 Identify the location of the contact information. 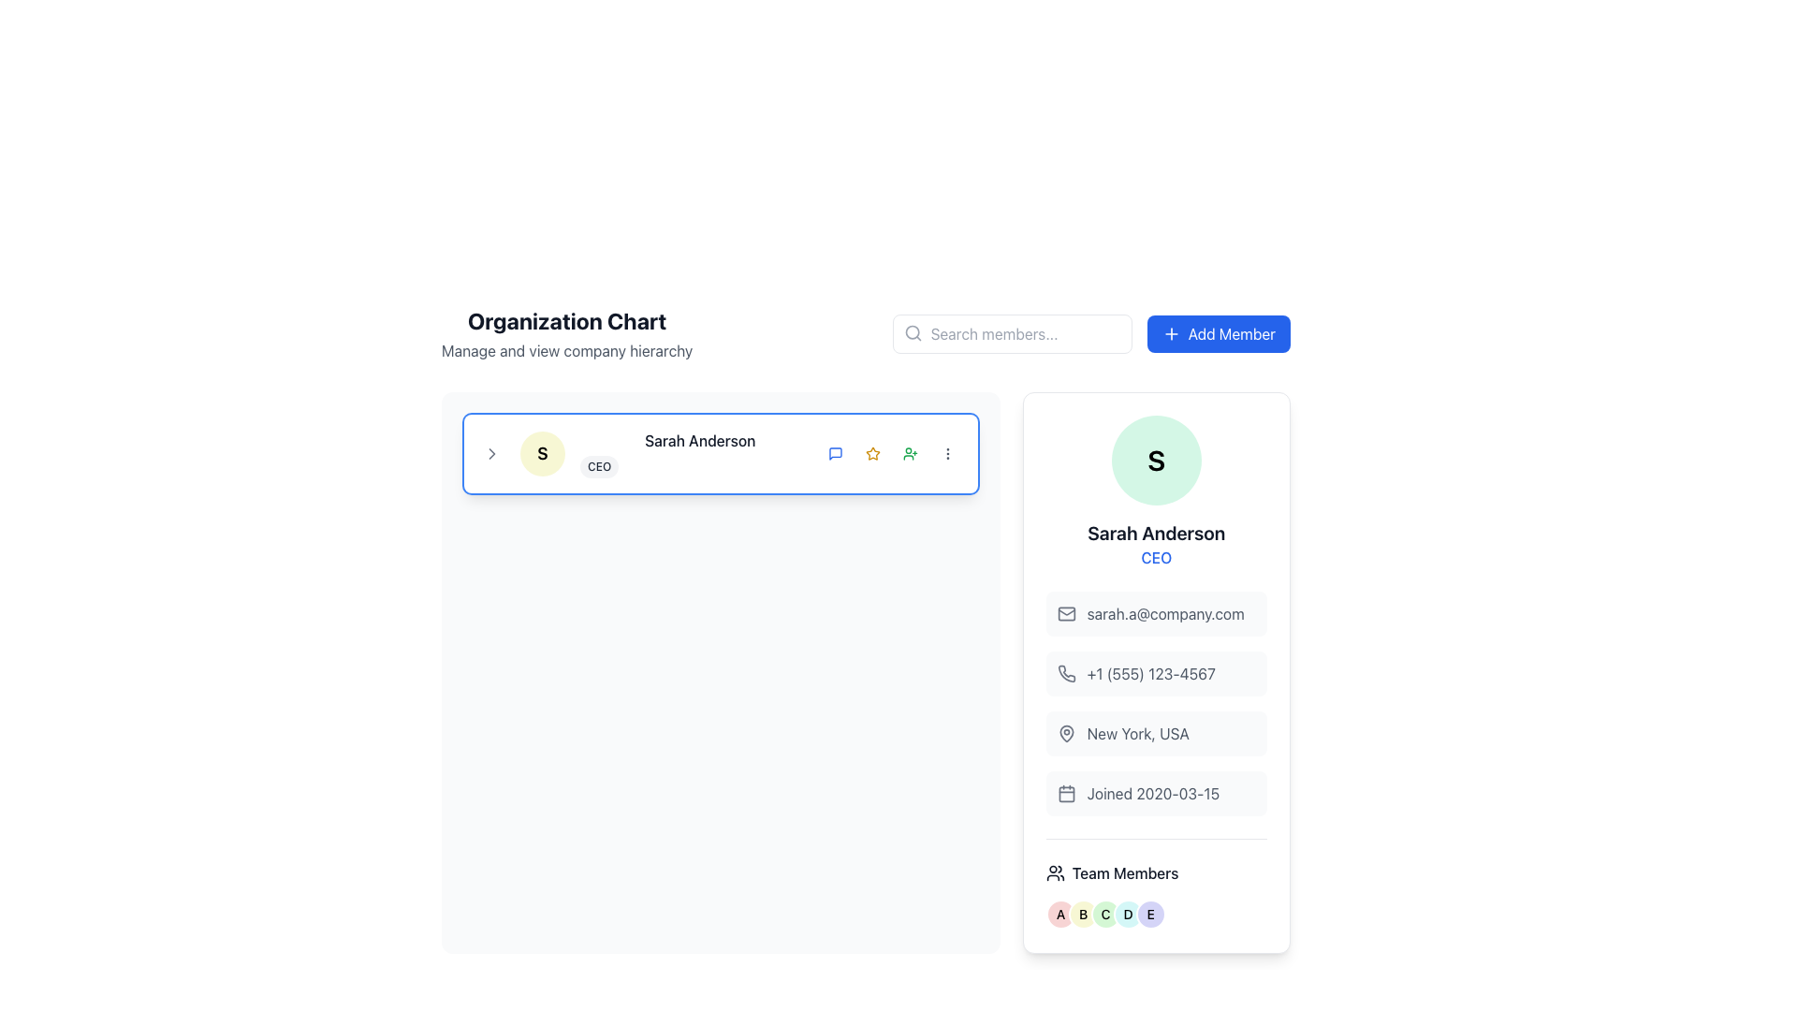
(1155, 674).